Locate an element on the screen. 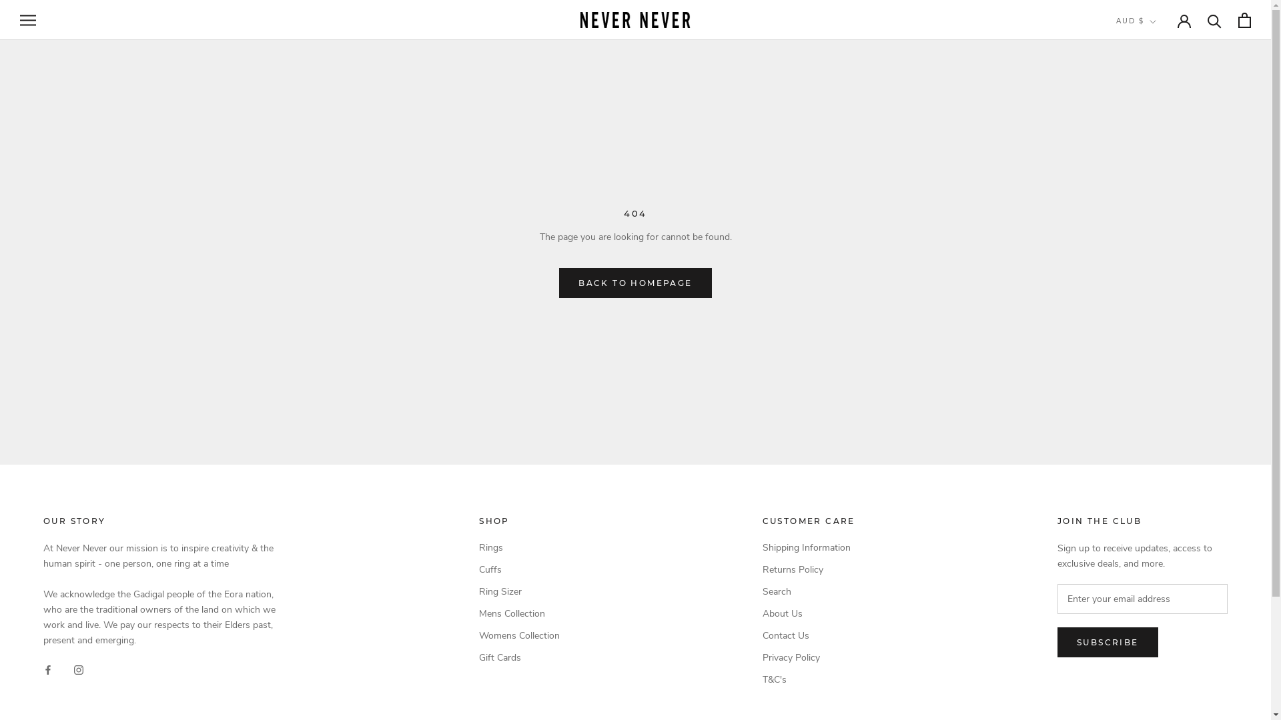 This screenshot has height=720, width=1281. 'BBD' is located at coordinates (1158, 208).